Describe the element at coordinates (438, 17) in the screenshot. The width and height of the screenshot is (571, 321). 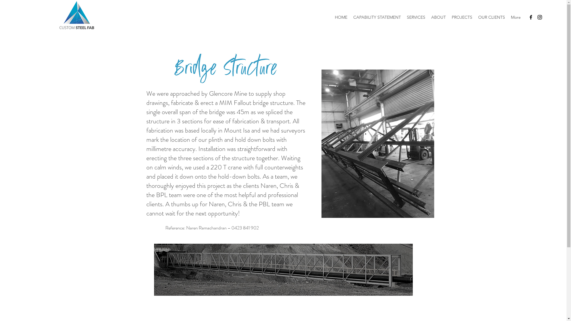
I see `'ABOUT'` at that location.